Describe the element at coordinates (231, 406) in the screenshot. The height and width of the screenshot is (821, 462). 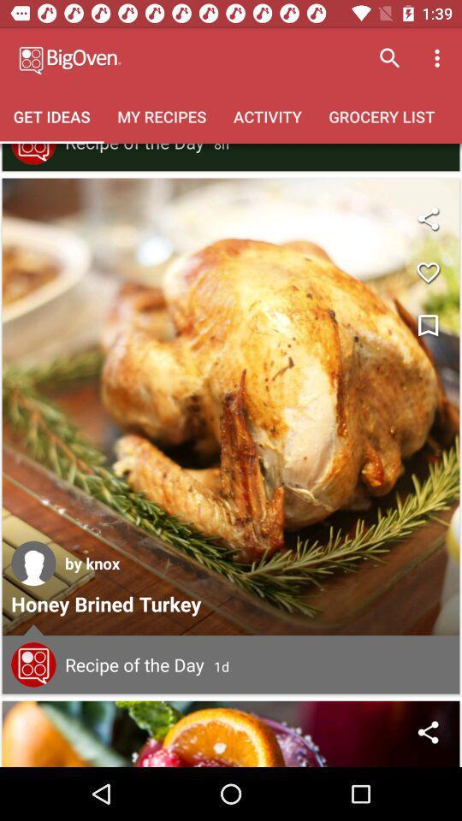
I see `image button` at that location.